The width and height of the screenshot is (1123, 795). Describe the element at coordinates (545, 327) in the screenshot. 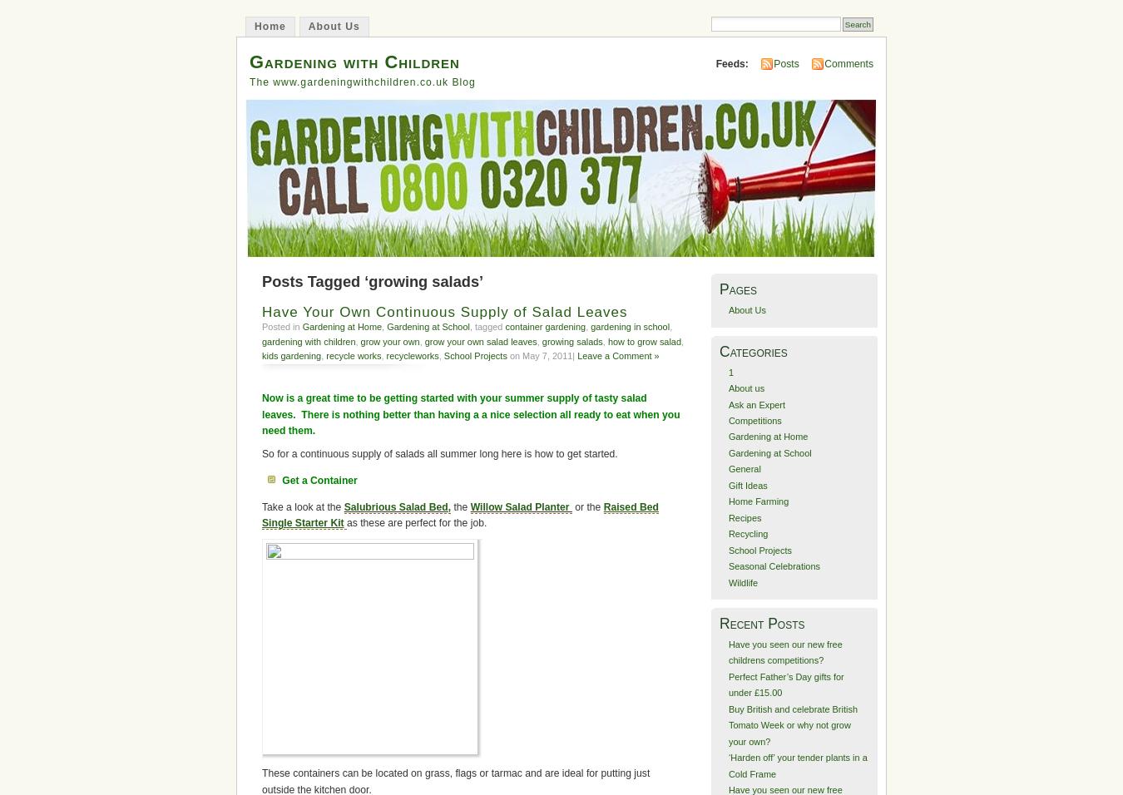

I see `'container gardening'` at that location.